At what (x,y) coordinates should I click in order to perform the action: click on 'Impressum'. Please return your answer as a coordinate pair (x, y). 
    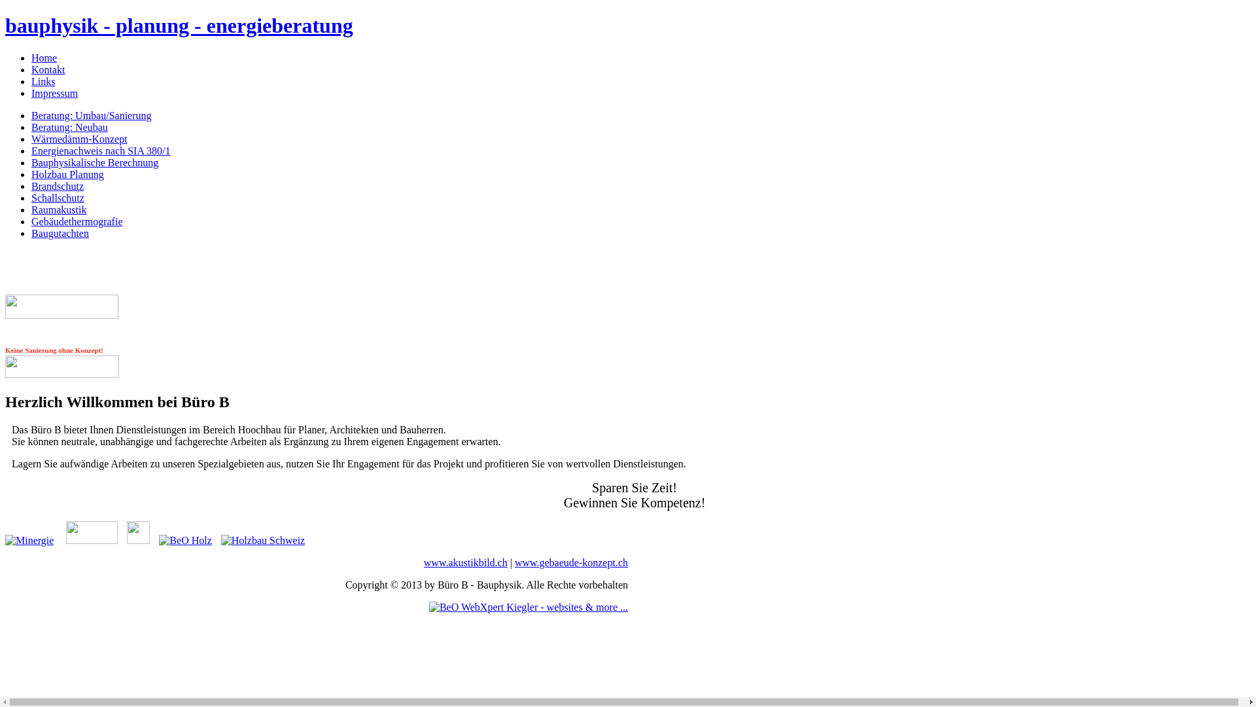
    Looking at the image, I should click on (54, 92).